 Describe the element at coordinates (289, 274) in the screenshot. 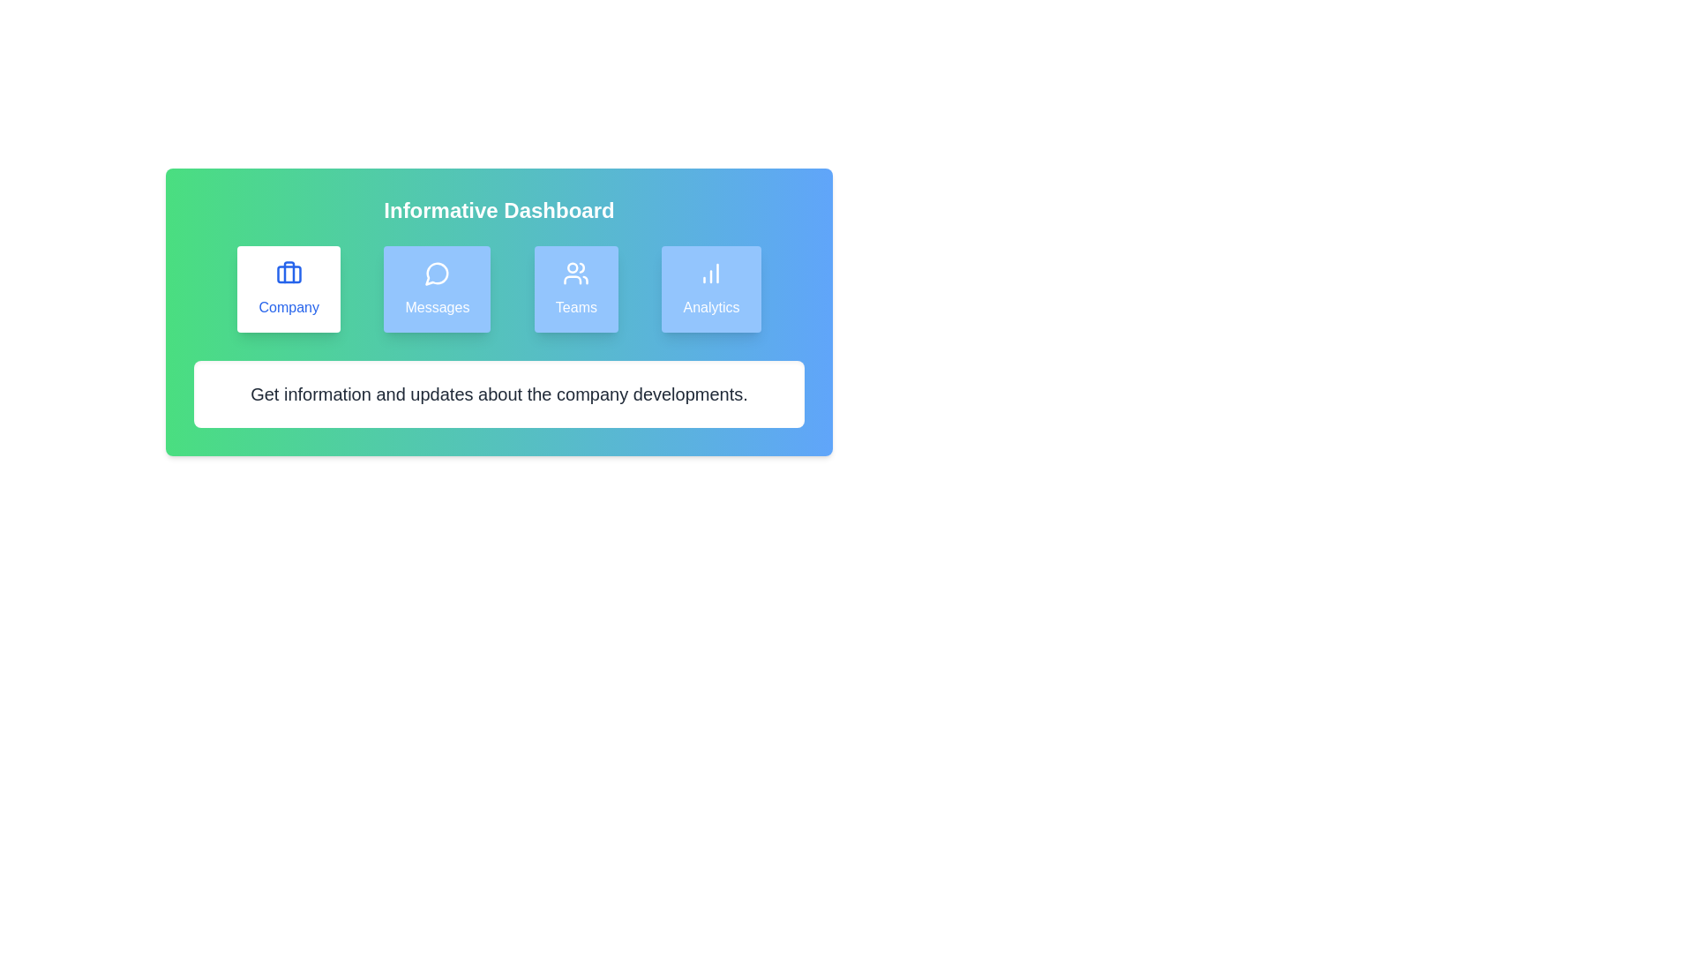

I see `the rectangular SVG shape with rounded corners located inside the briefcase icon on the dashboard` at that location.